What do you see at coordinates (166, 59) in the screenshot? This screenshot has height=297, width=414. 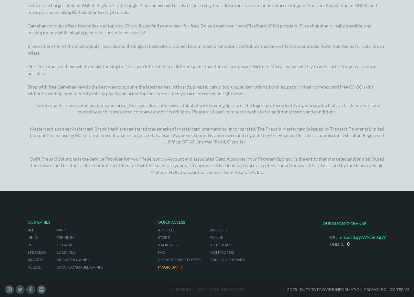 I see `'Articles'` at bounding box center [166, 59].